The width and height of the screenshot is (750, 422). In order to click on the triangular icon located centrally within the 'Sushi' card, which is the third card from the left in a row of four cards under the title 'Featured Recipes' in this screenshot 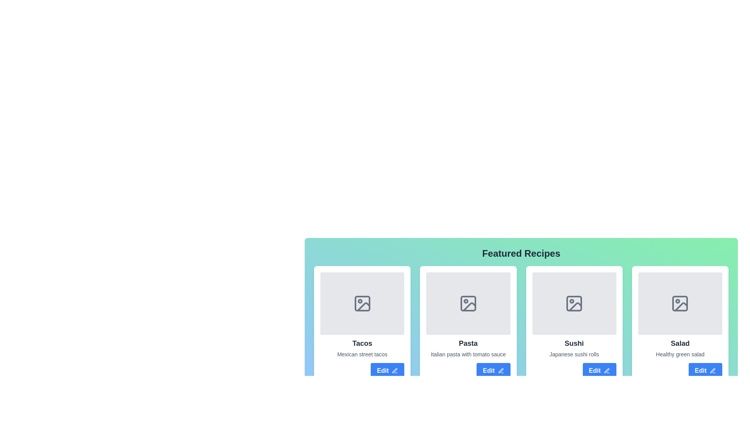, I will do `click(575, 306)`.